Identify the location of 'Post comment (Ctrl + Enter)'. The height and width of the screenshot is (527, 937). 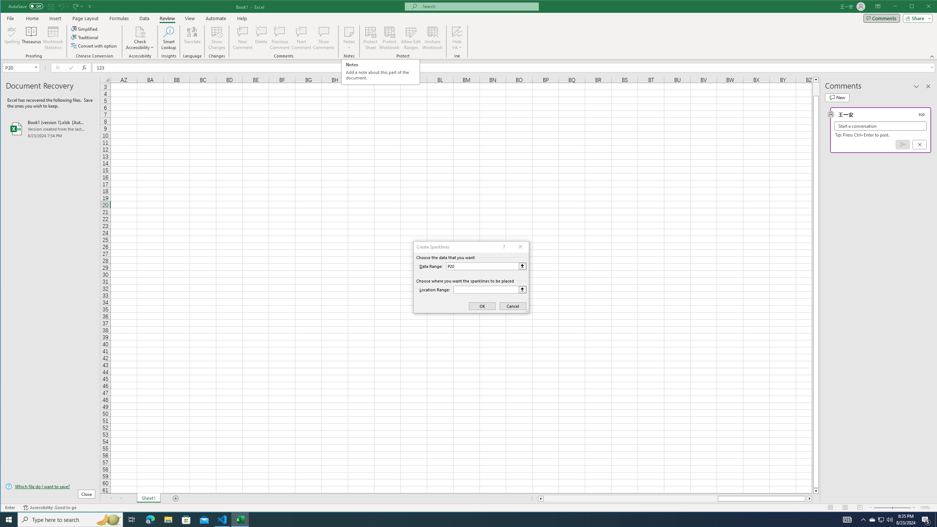
(903, 144).